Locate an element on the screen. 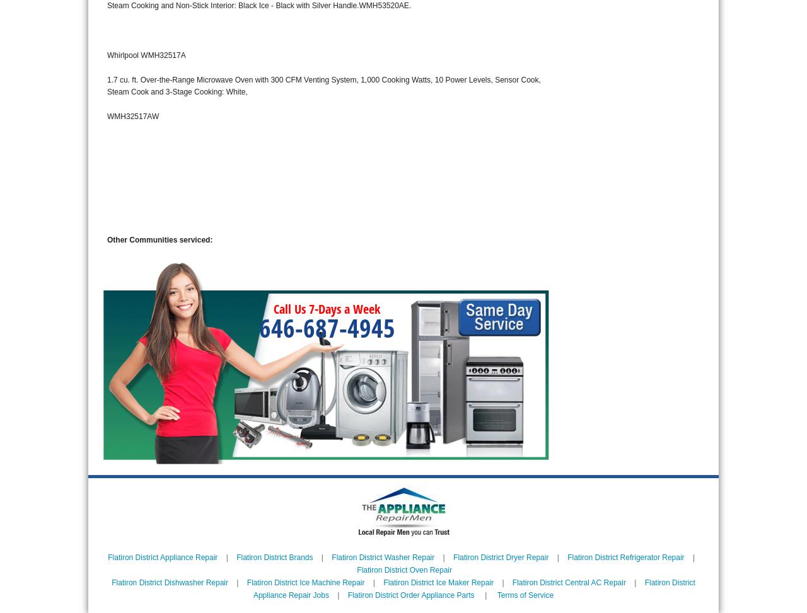 The width and height of the screenshot is (807, 613). 'Flatiron District Appliance Repair' is located at coordinates (162, 558).